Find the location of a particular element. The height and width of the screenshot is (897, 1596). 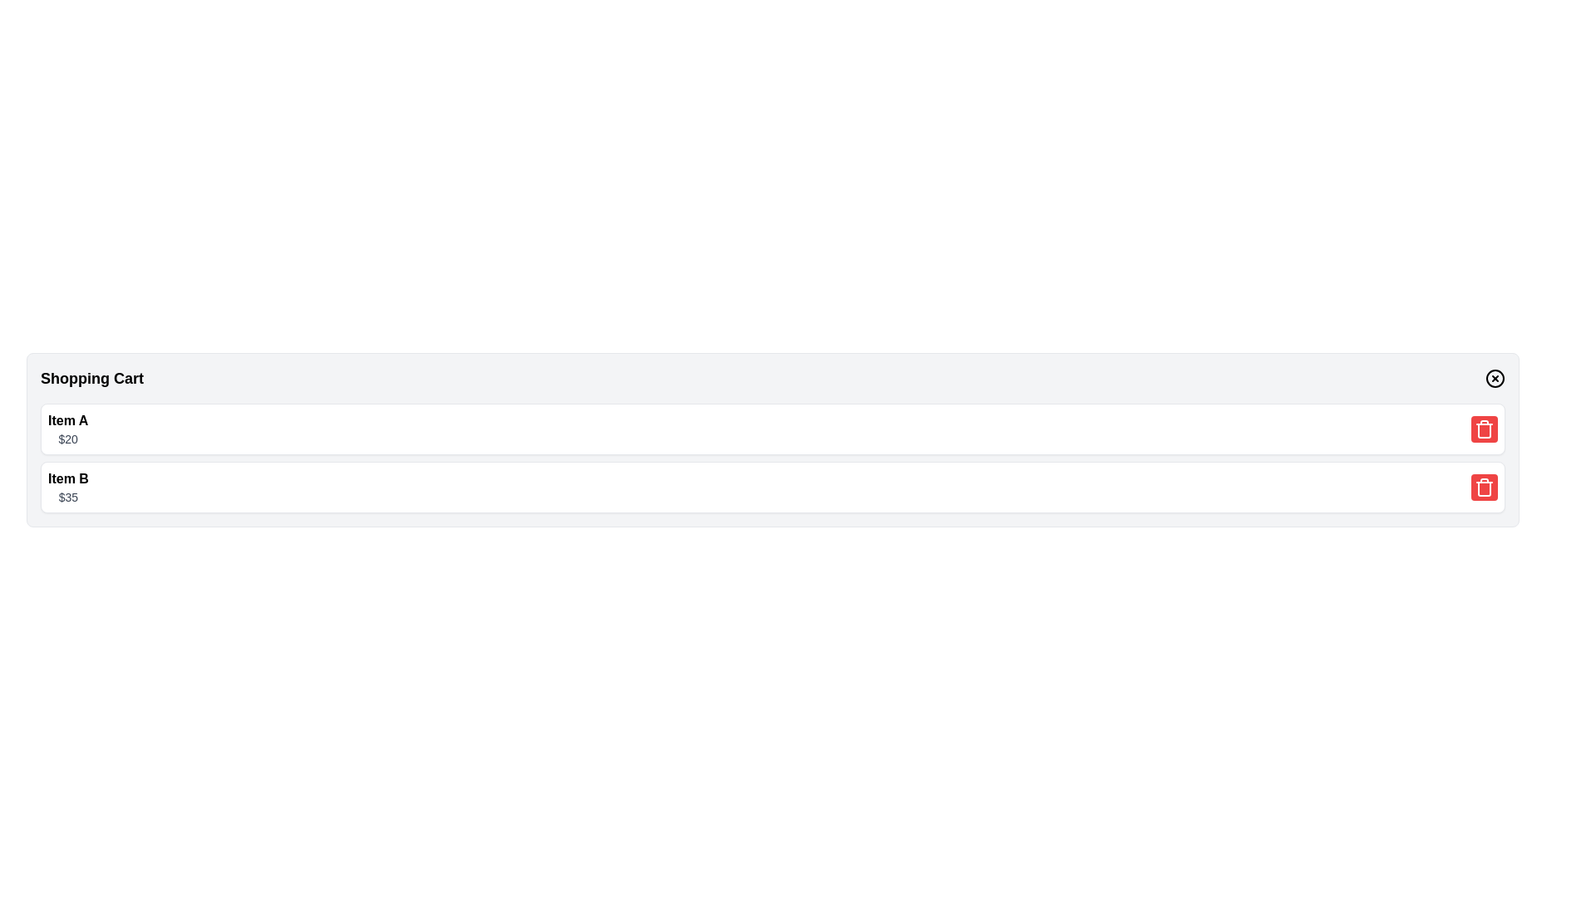

the trash can icon with a red background is located at coordinates (1484, 428).